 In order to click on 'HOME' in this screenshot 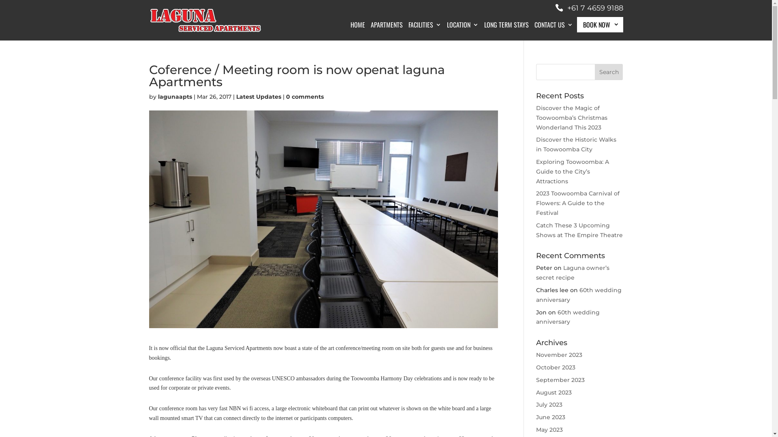, I will do `click(357, 31)`.